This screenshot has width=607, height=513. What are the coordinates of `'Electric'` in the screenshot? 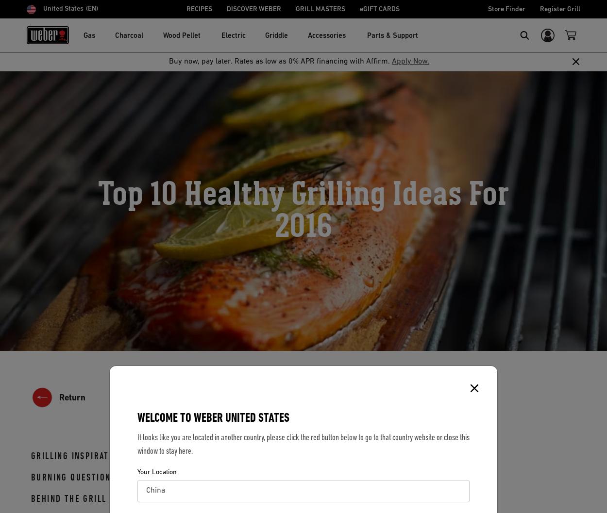 It's located at (233, 35).